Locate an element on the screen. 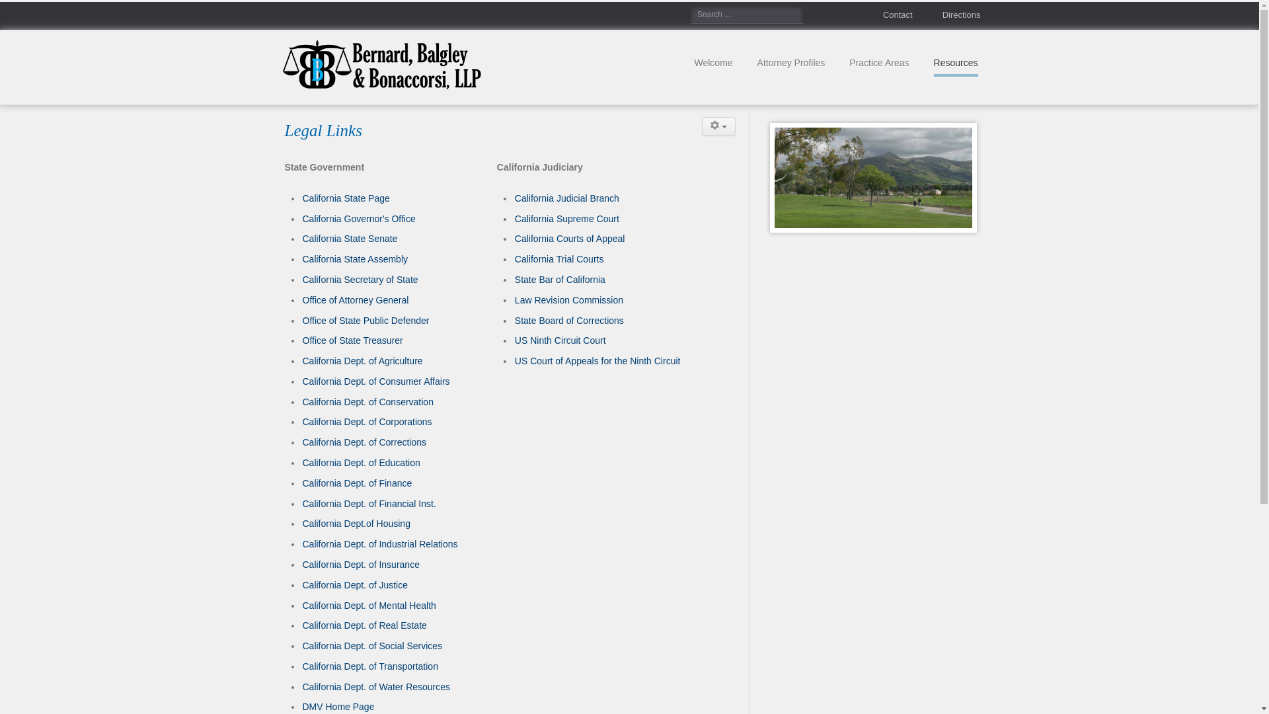 Image resolution: width=1269 pixels, height=714 pixels. 'DMV Home Page' is located at coordinates (338, 705).